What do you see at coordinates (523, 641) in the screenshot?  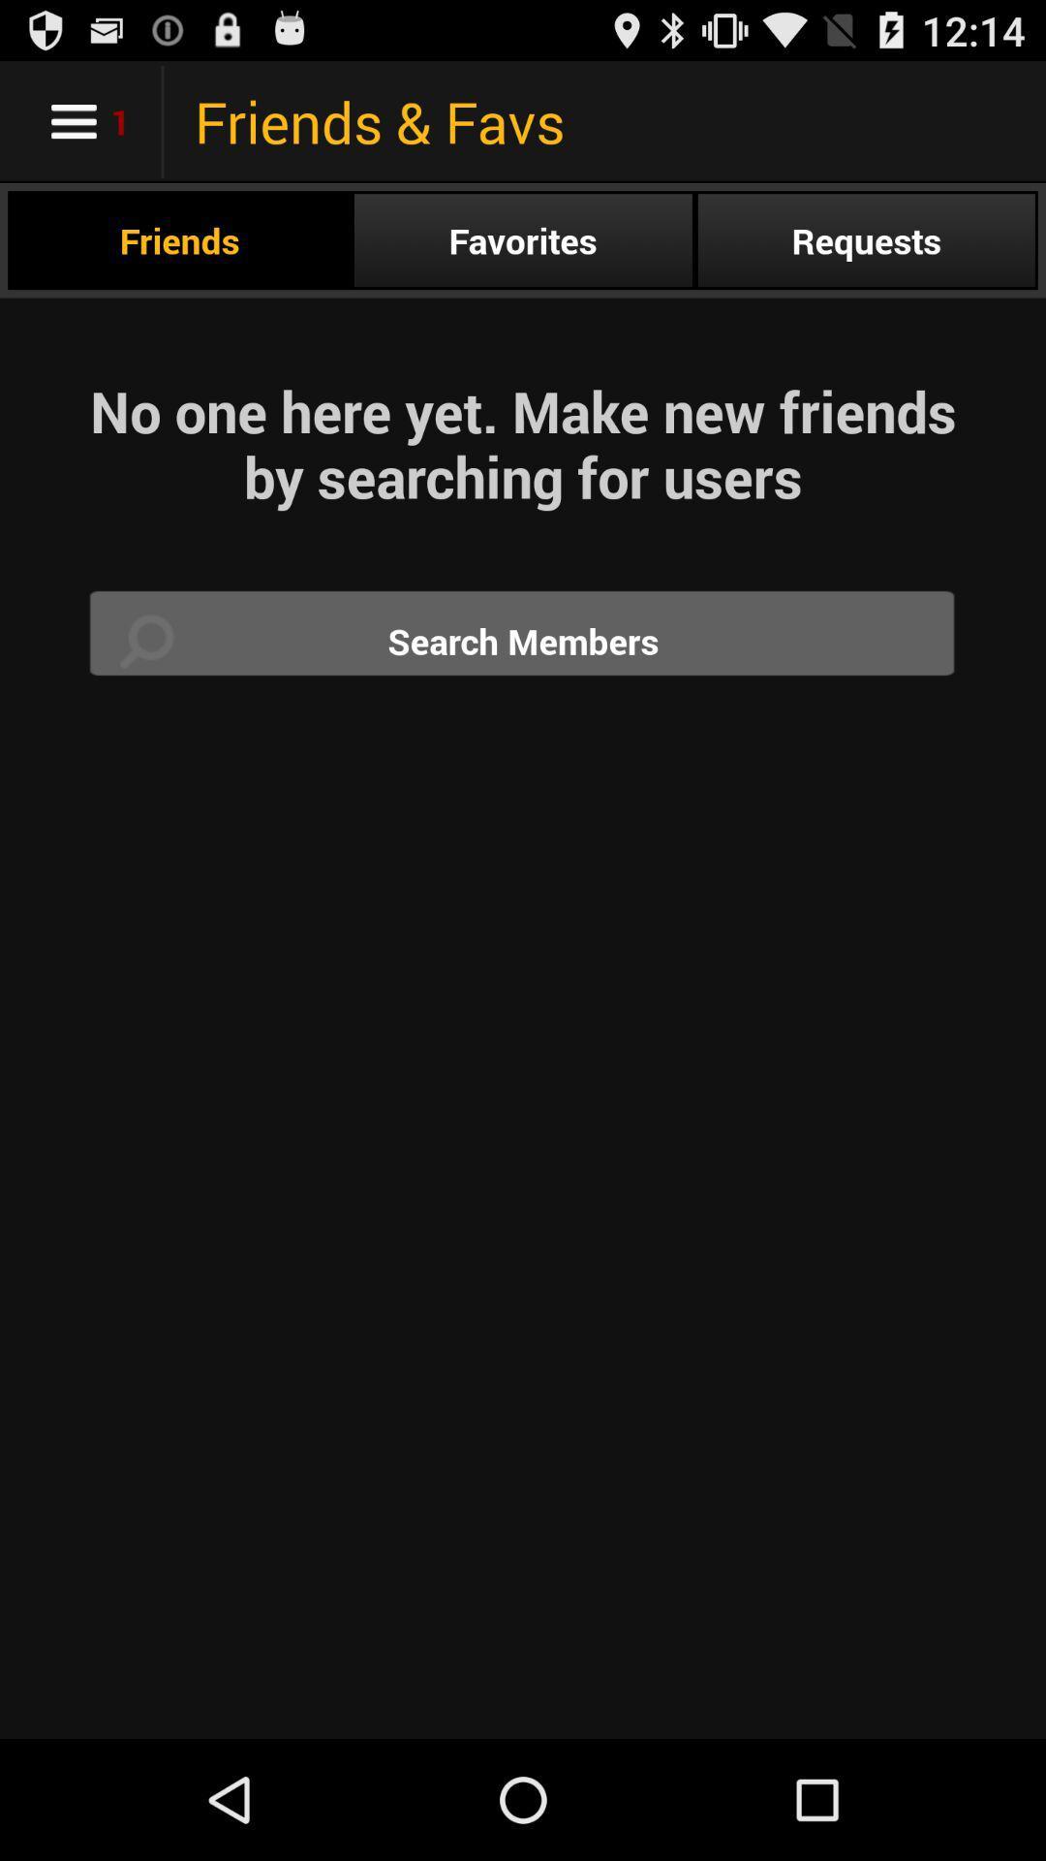 I see `search members` at bounding box center [523, 641].